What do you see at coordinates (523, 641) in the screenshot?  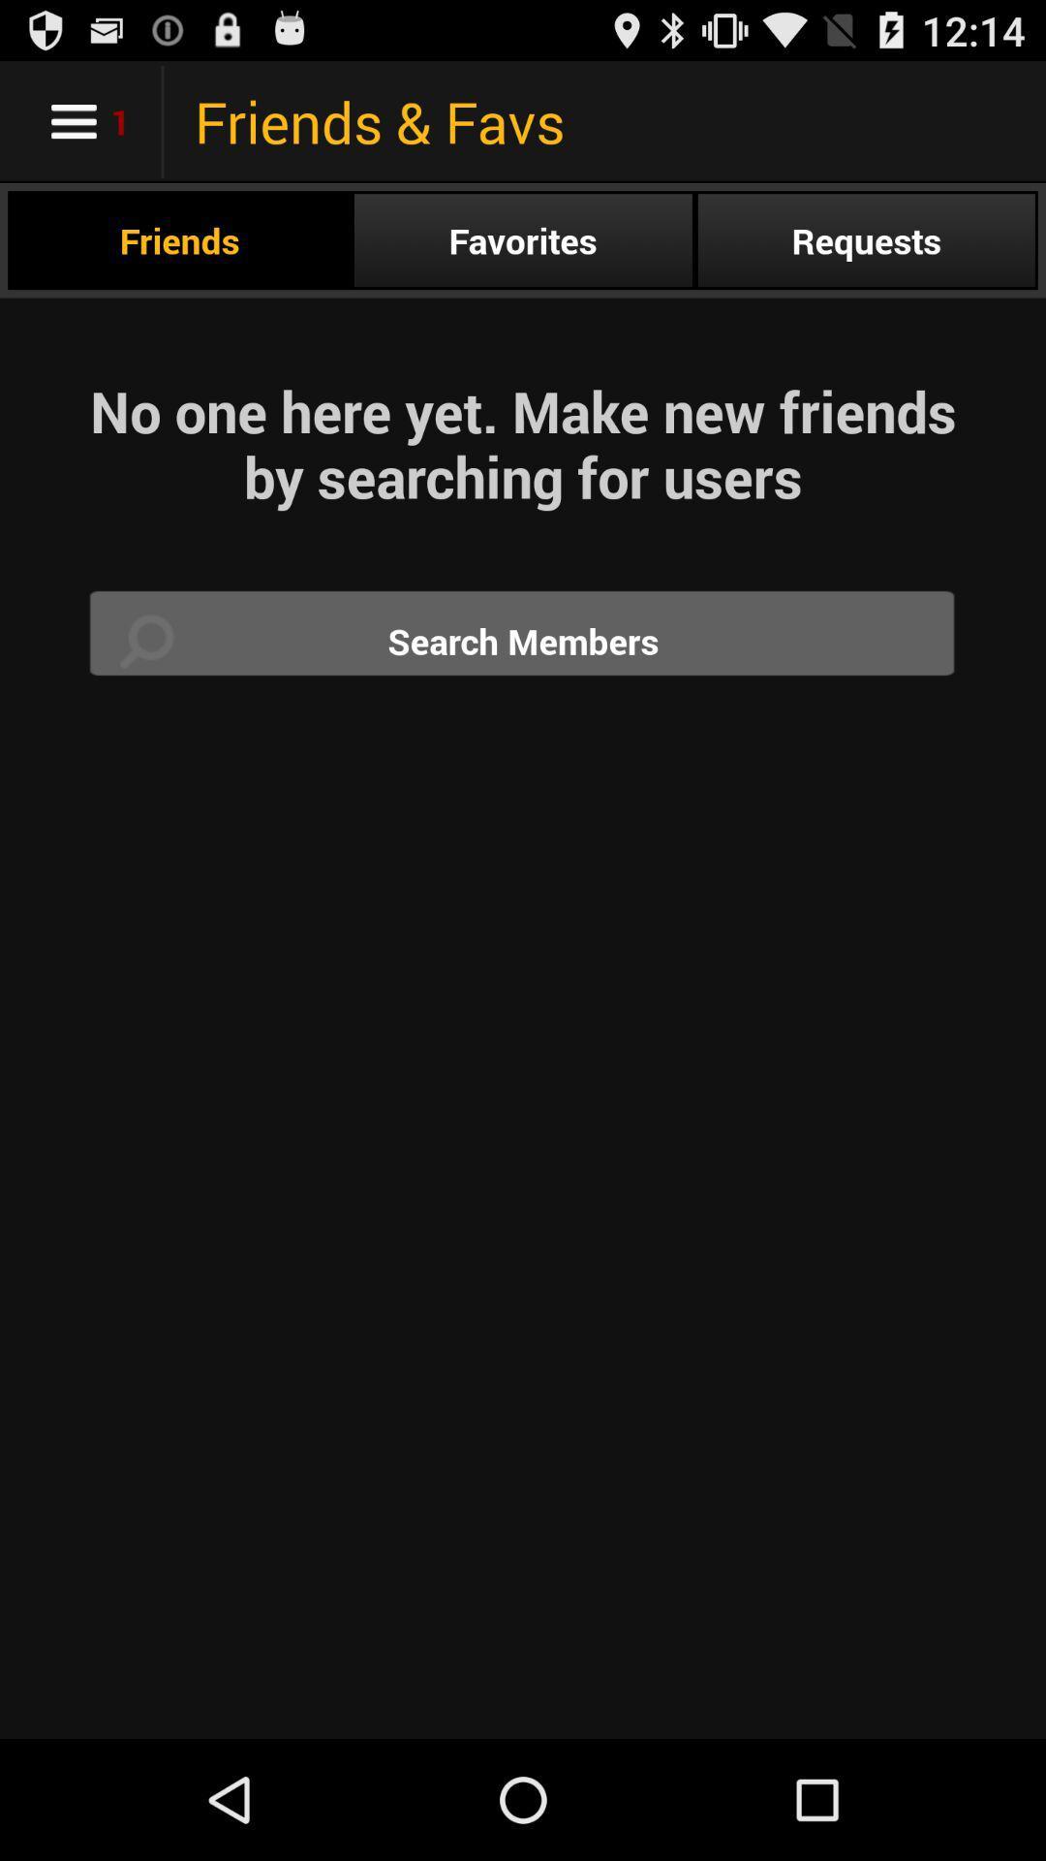 I see `search members` at bounding box center [523, 641].